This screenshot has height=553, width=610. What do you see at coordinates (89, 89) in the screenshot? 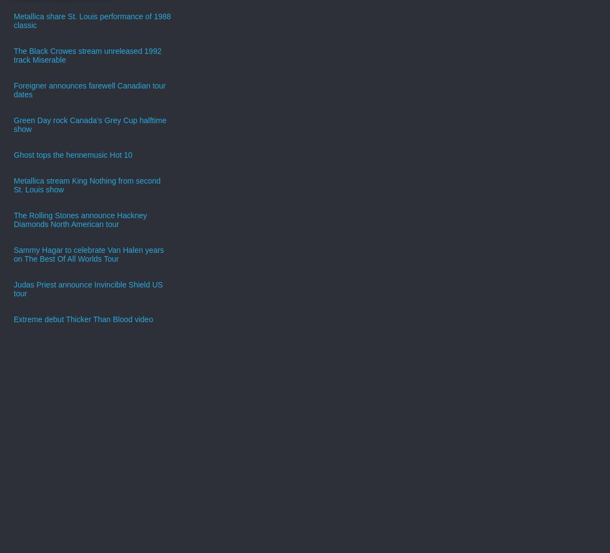
I see `'Foreigner announces farewell Canadian tour dates'` at bounding box center [89, 89].